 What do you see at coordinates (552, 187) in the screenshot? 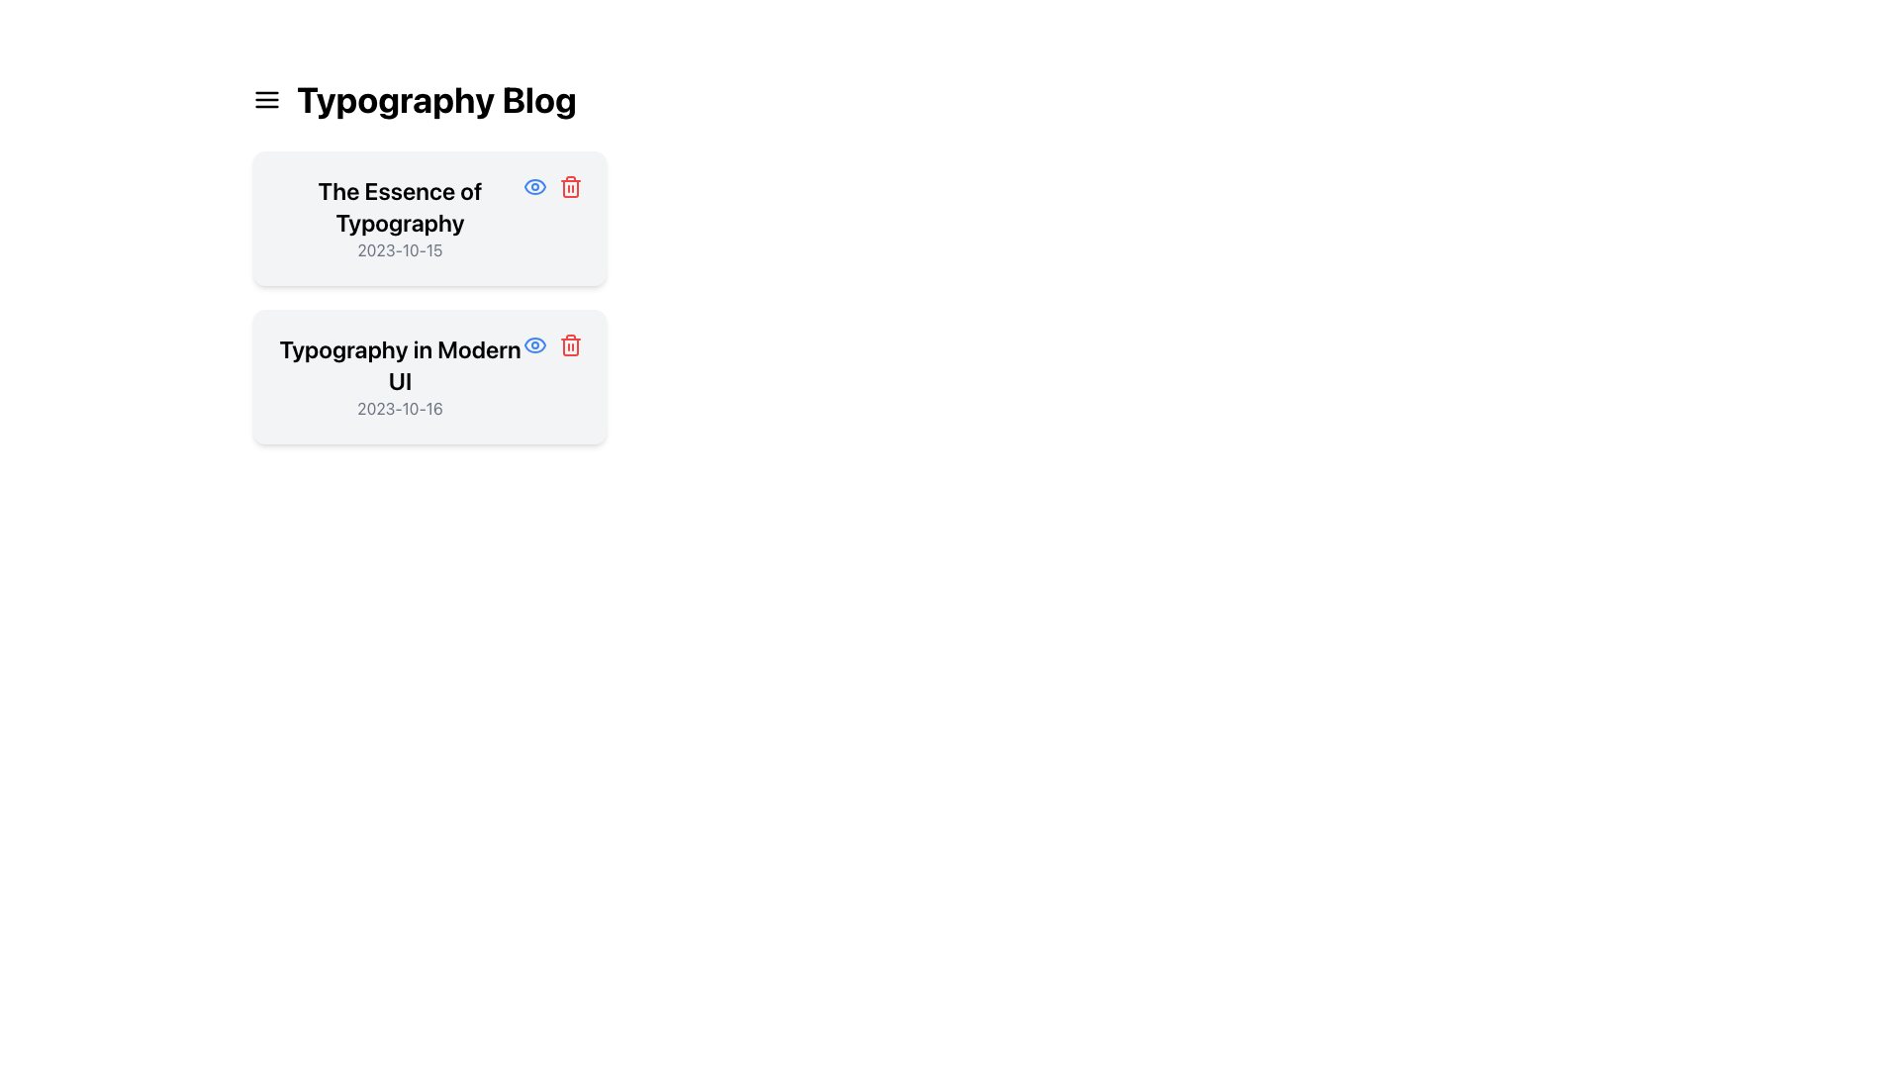
I see `the red trash icon located on the top-right corner of the article 'The Essence of Typography'` at bounding box center [552, 187].